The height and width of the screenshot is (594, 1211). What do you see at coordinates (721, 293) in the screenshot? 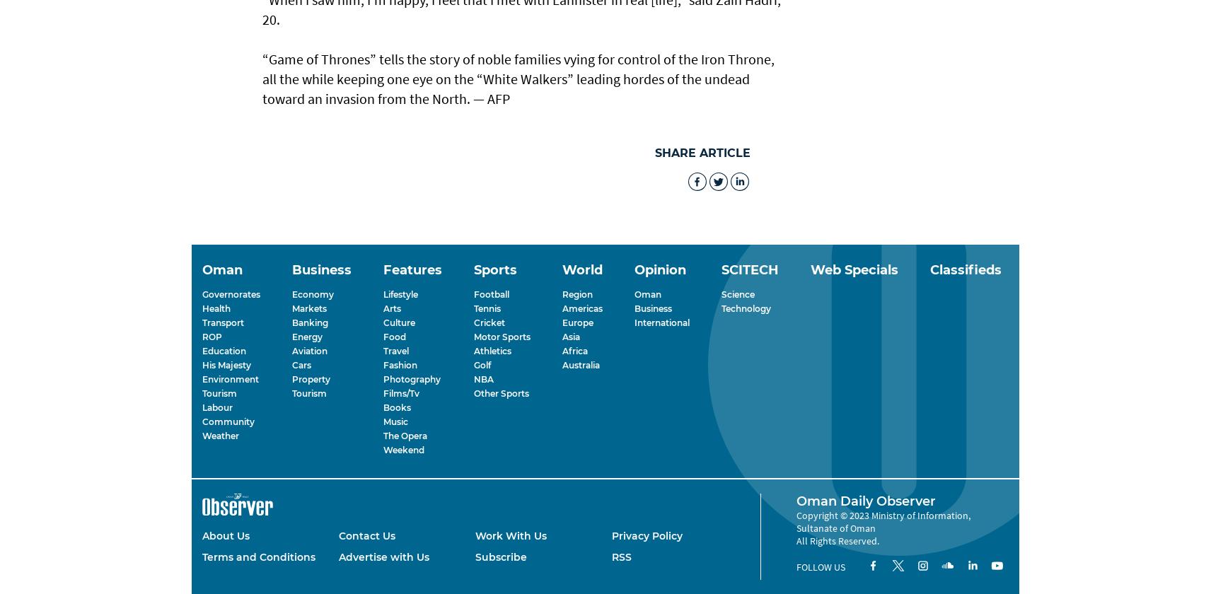
I see `'Science'` at bounding box center [721, 293].